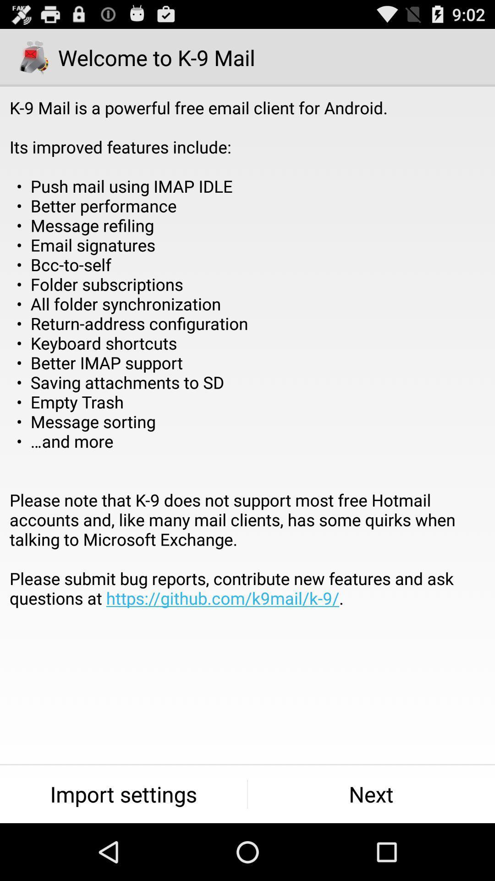  What do you see at coordinates (123, 794) in the screenshot?
I see `import settings item` at bounding box center [123, 794].